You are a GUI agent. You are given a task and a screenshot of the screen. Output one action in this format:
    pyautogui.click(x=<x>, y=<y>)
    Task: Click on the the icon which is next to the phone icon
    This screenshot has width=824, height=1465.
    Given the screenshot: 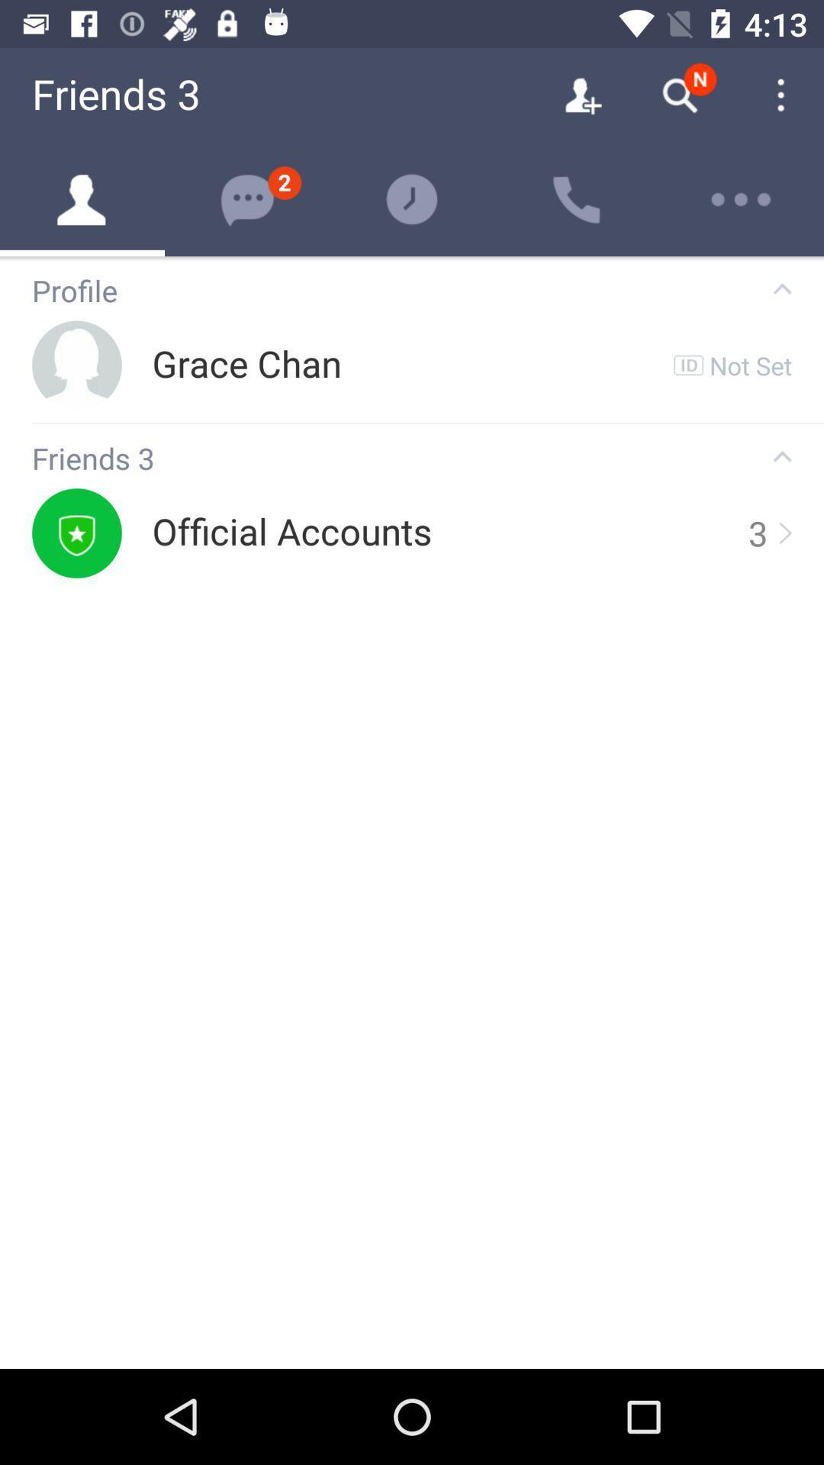 What is the action you would take?
    pyautogui.click(x=741, y=199)
    